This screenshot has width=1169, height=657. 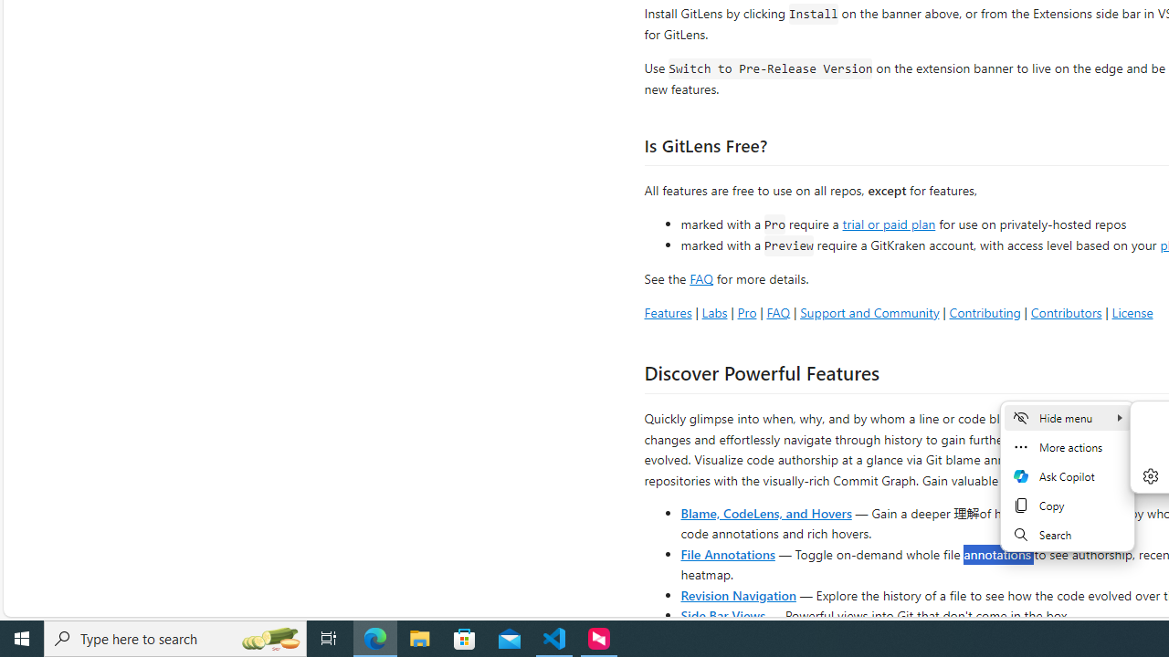 I want to click on 'Blame, CodeLens, and Hovers', so click(x=766, y=512).